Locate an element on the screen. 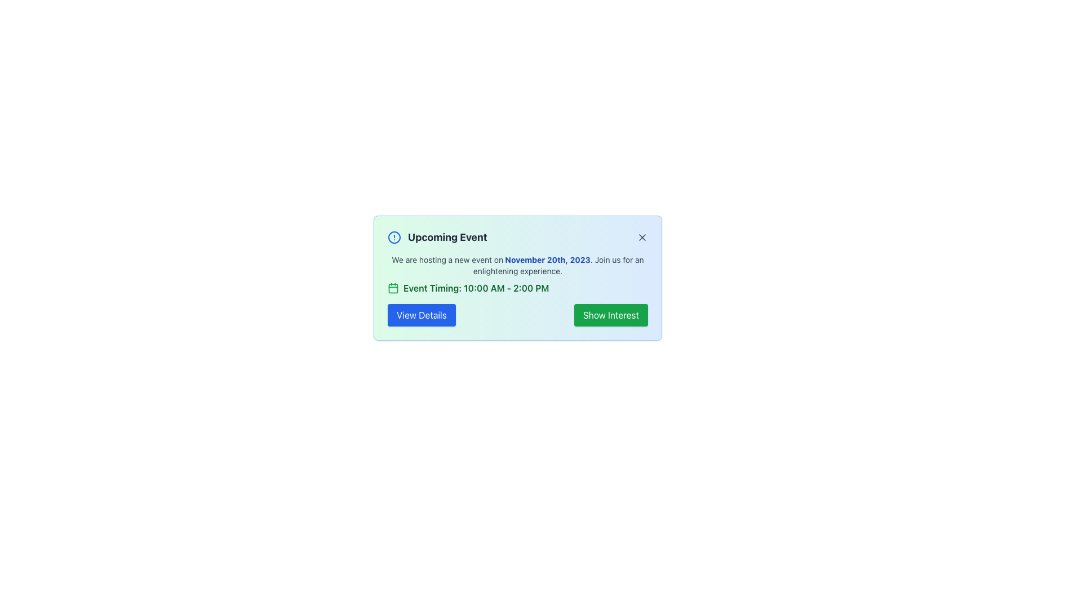 This screenshot has width=1082, height=608. the close button on the right side of the notification is located at coordinates (642, 236).